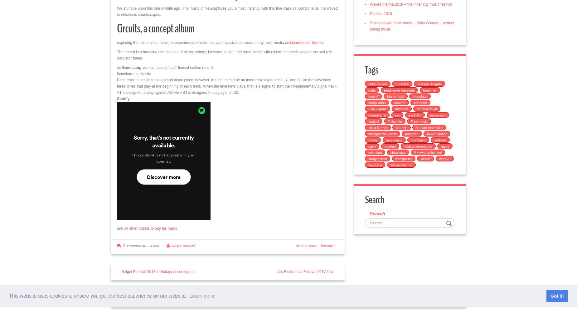  What do you see at coordinates (377, 127) in the screenshot?
I see `'Hella Comet'` at bounding box center [377, 127].